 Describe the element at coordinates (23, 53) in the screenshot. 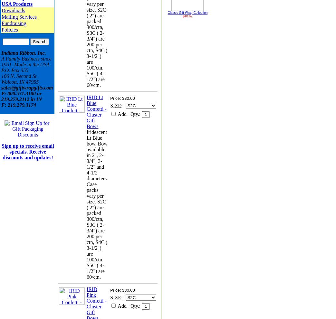

I see `'Indiana Ribbon, Inc.'` at that location.